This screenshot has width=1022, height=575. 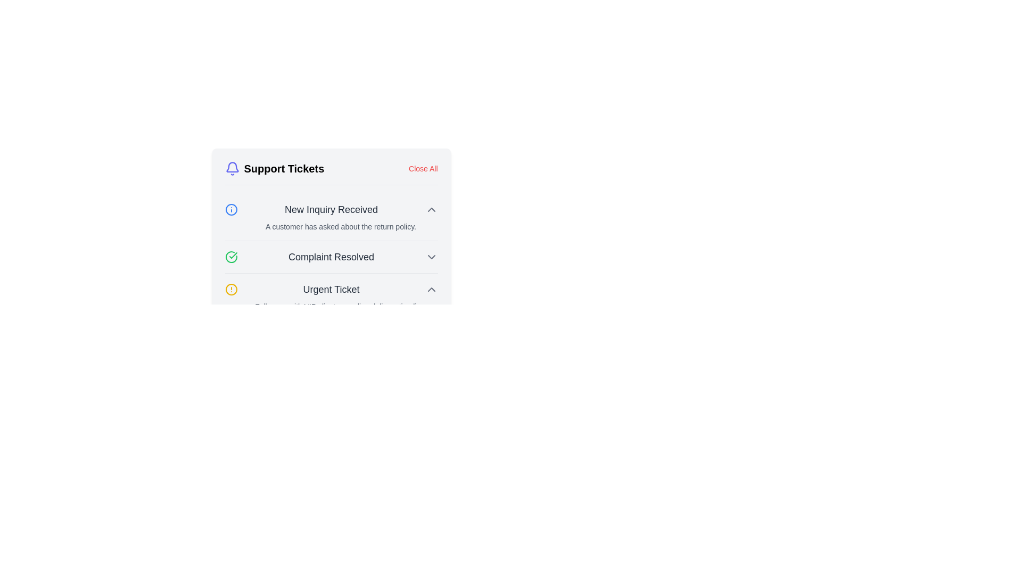 What do you see at coordinates (431, 289) in the screenshot?
I see `the chevron button located to the right of the 'Urgent Ticket' notification` at bounding box center [431, 289].